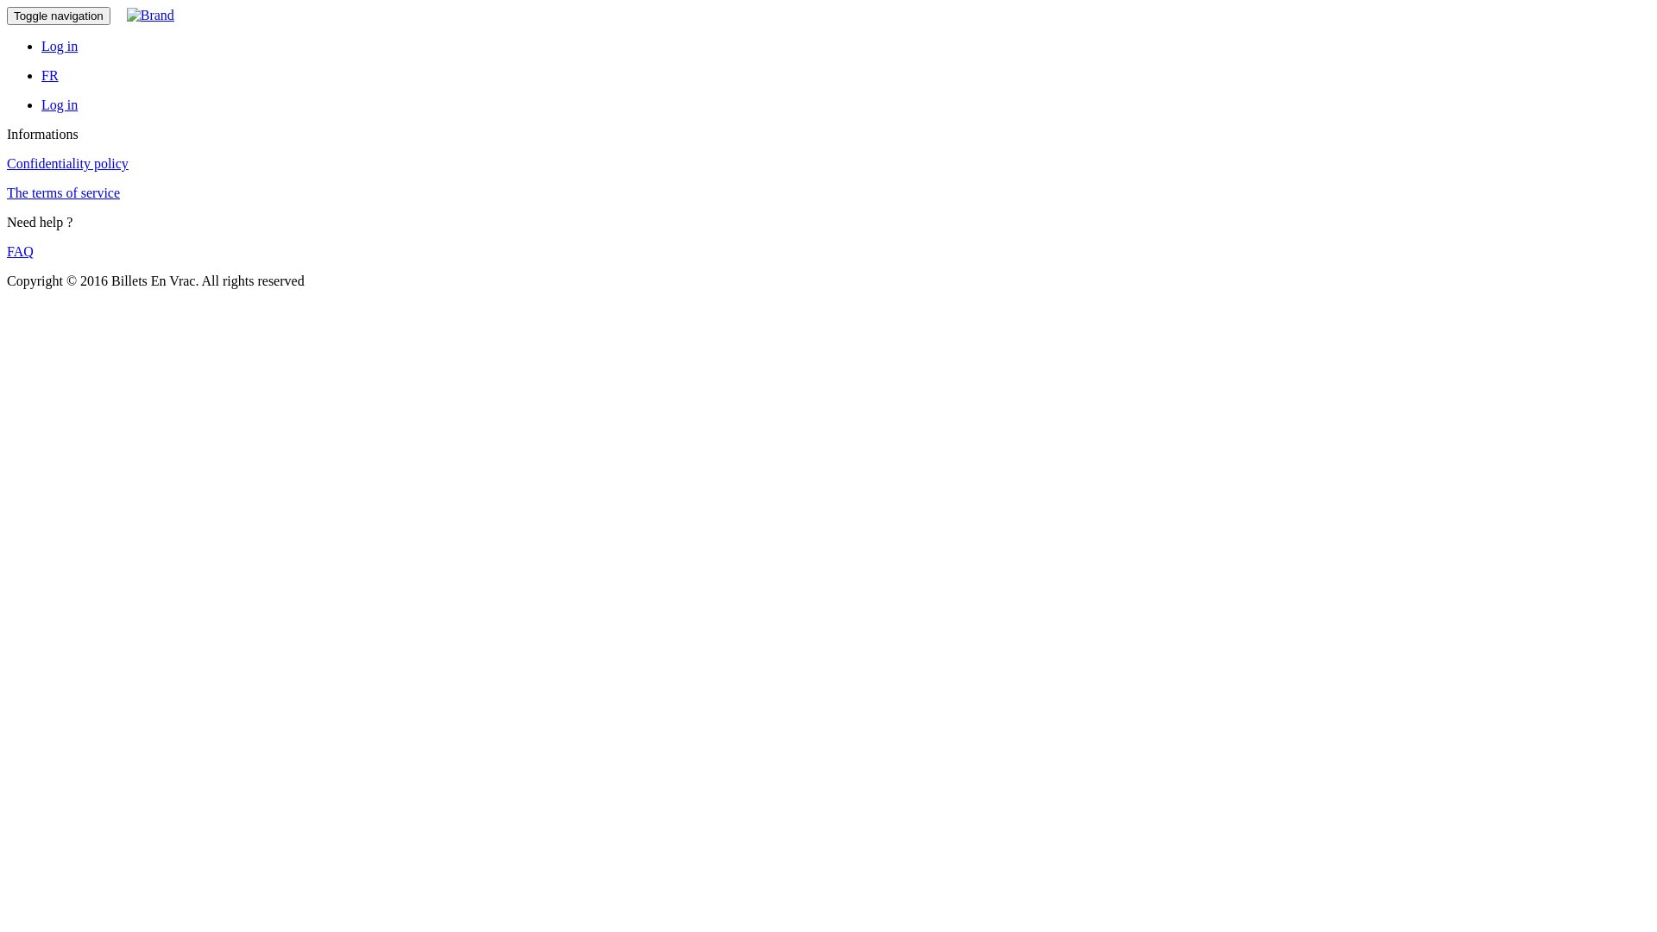 This screenshot has width=1657, height=932. I want to click on 'Log in', so click(41, 45).